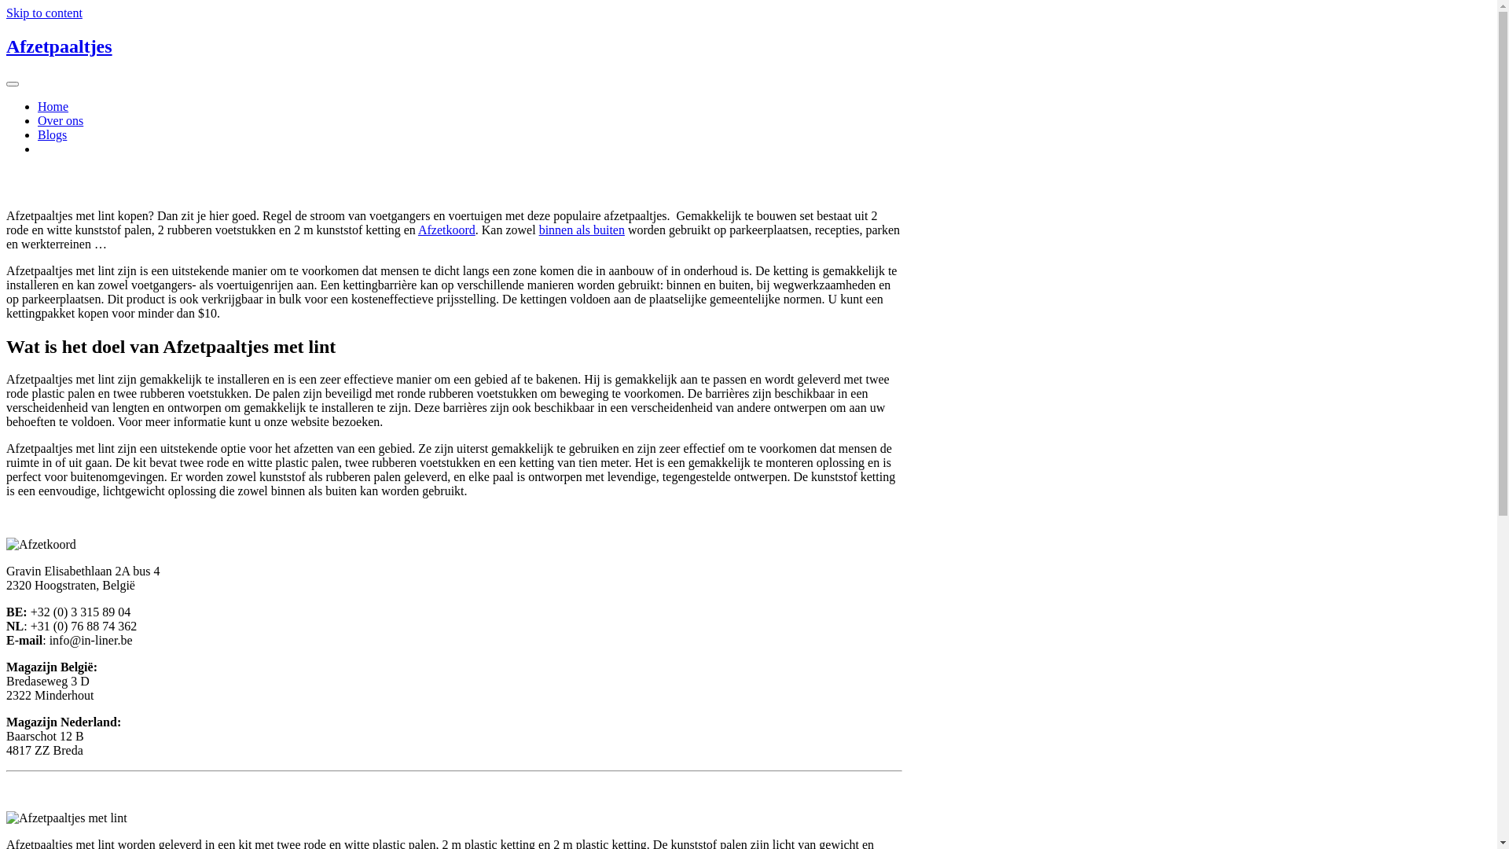 This screenshot has width=1509, height=849. I want to click on 'binnen als buiten', so click(581, 230).